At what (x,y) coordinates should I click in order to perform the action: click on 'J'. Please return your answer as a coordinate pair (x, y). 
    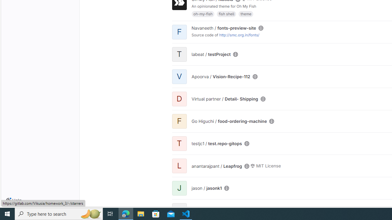
    Looking at the image, I should click on (179, 188).